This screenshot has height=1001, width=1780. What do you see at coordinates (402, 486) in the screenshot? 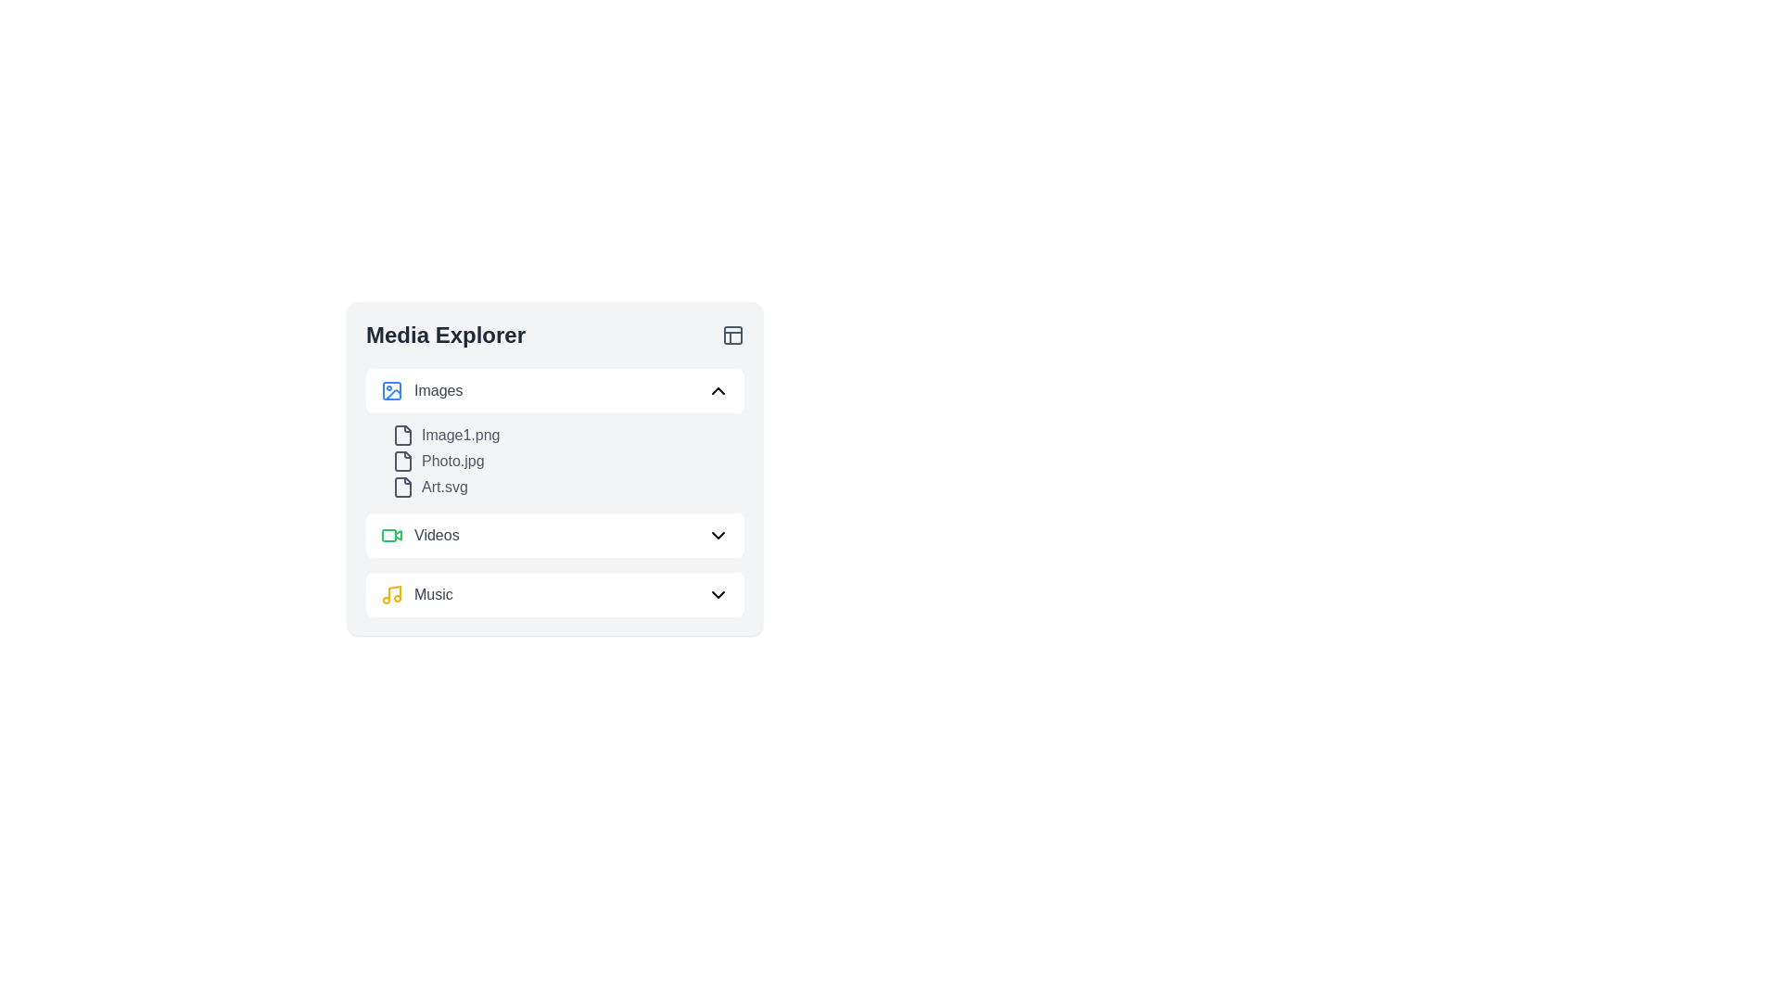
I see `the icon representing the 'Art.svg' file` at bounding box center [402, 486].